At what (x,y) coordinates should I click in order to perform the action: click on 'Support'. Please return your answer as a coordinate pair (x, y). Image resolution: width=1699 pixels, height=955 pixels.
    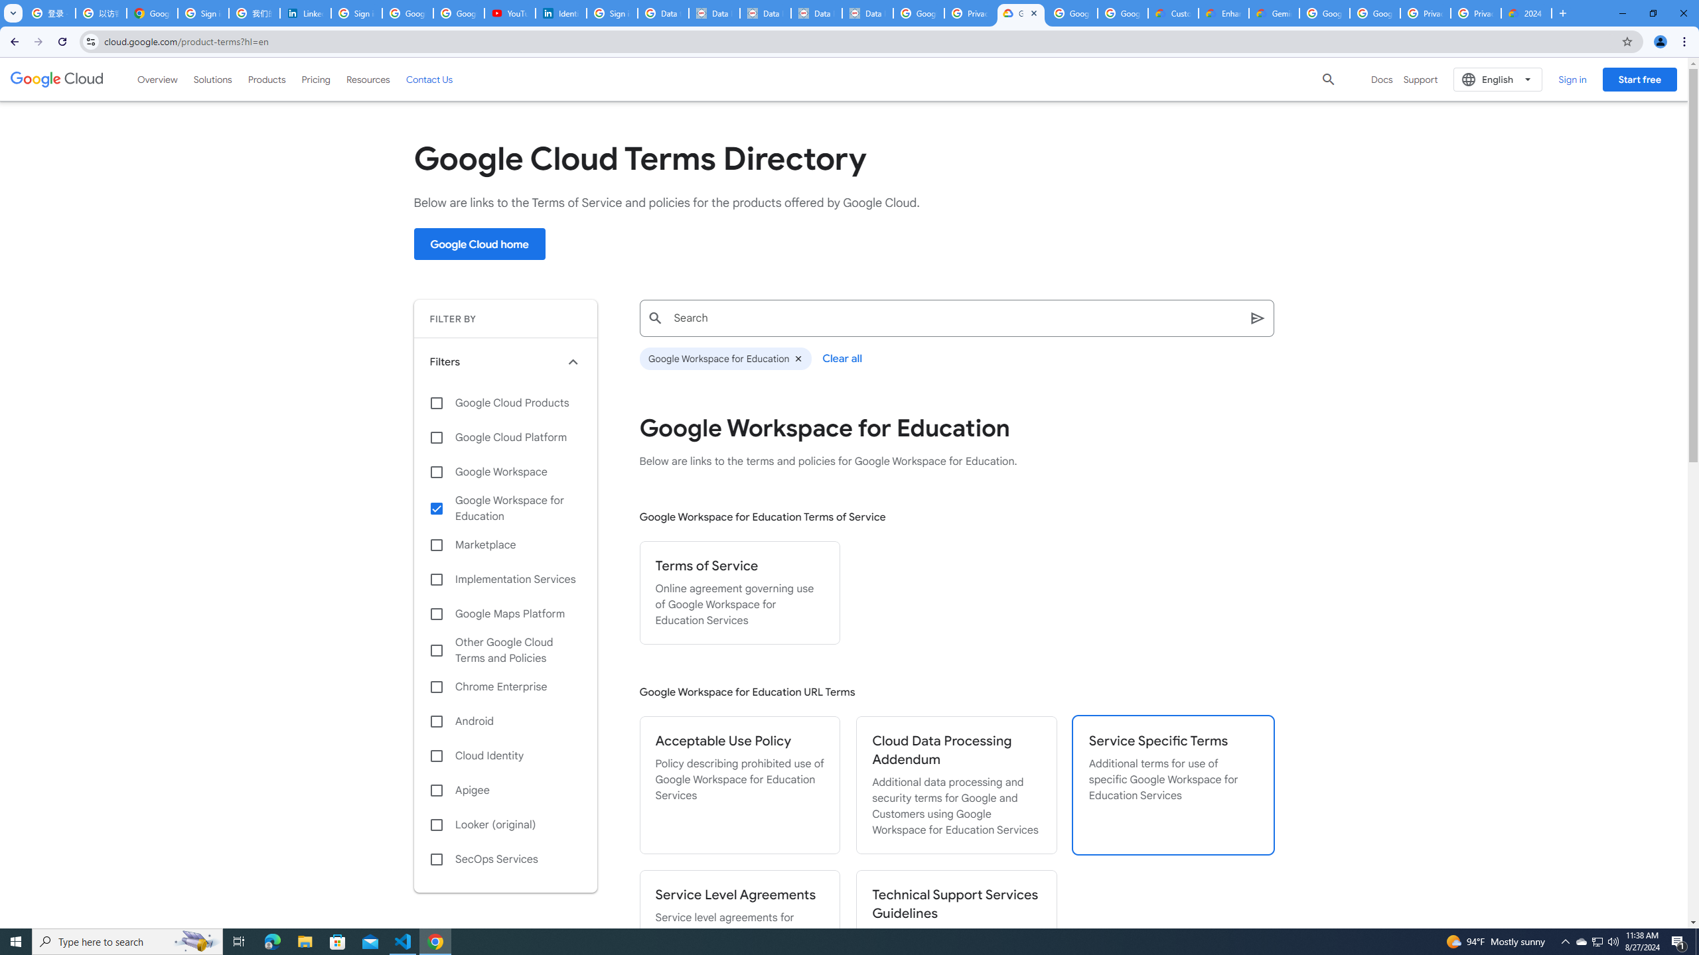
    Looking at the image, I should click on (1420, 78).